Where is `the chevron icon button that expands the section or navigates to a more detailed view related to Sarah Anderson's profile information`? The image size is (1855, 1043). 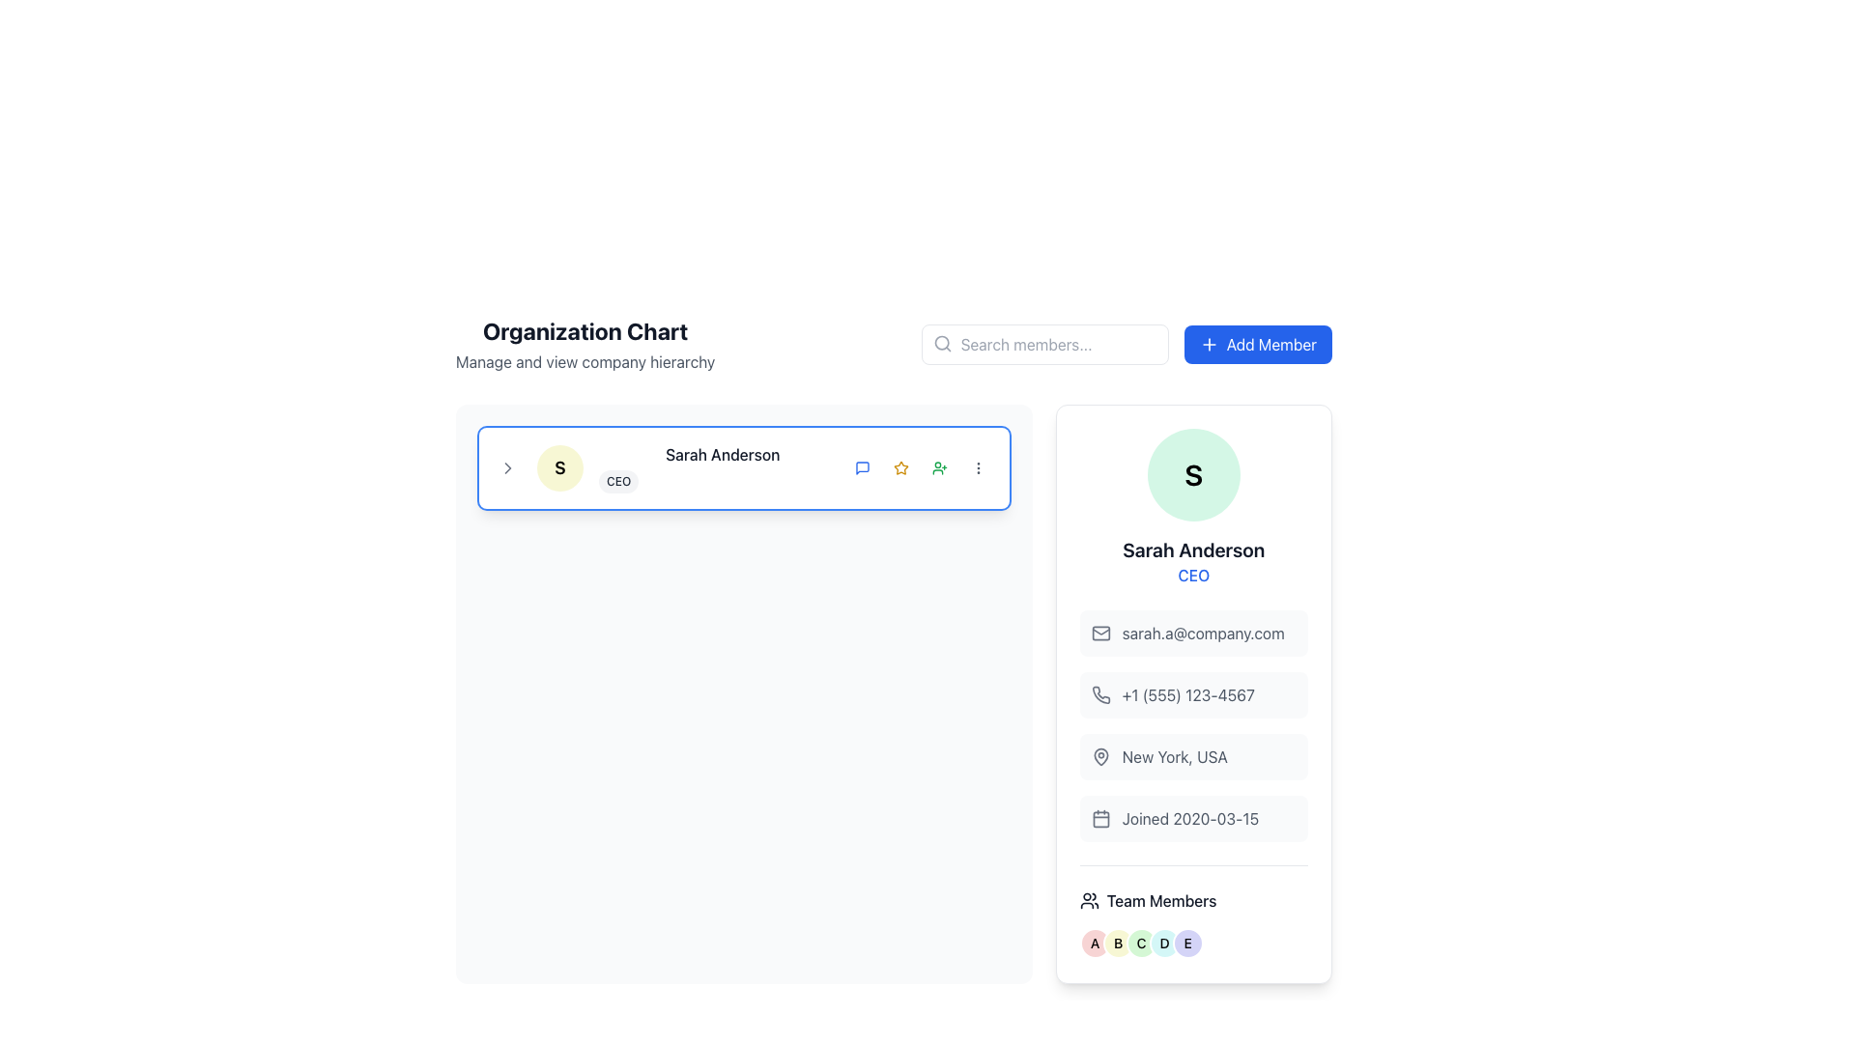
the chevron icon button that expands the section or navigates to a more detailed view related to Sarah Anderson's profile information is located at coordinates (508, 468).